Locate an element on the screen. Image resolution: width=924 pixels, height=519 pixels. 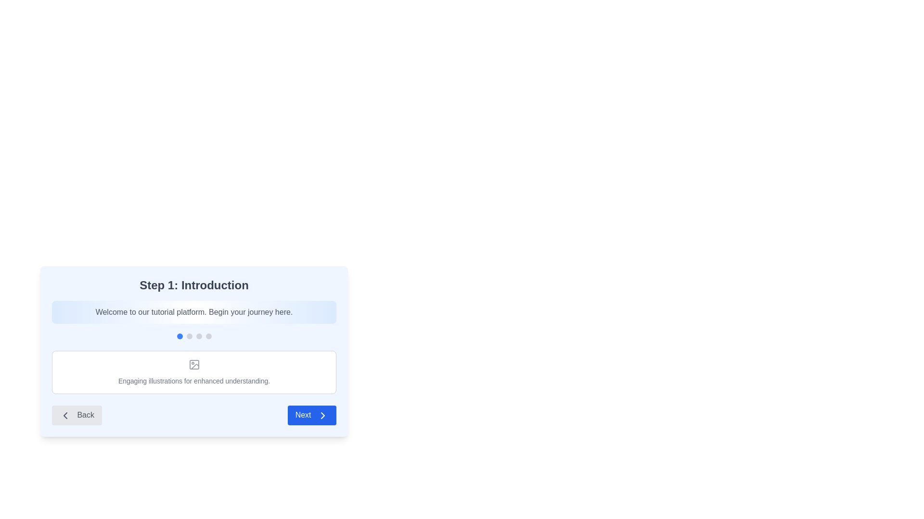
the 'Back' button located at the bottom-left corner of the card interface is located at coordinates (64, 415).